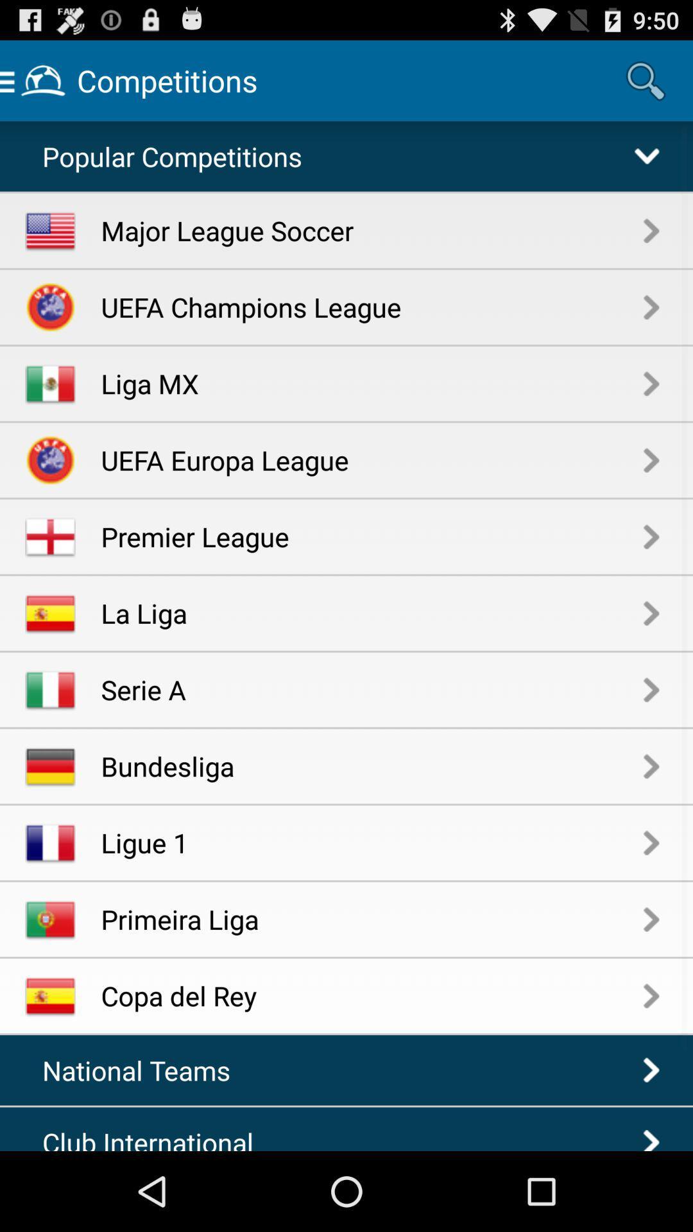 The height and width of the screenshot is (1232, 693). What do you see at coordinates (143, 1070) in the screenshot?
I see `national teams` at bounding box center [143, 1070].